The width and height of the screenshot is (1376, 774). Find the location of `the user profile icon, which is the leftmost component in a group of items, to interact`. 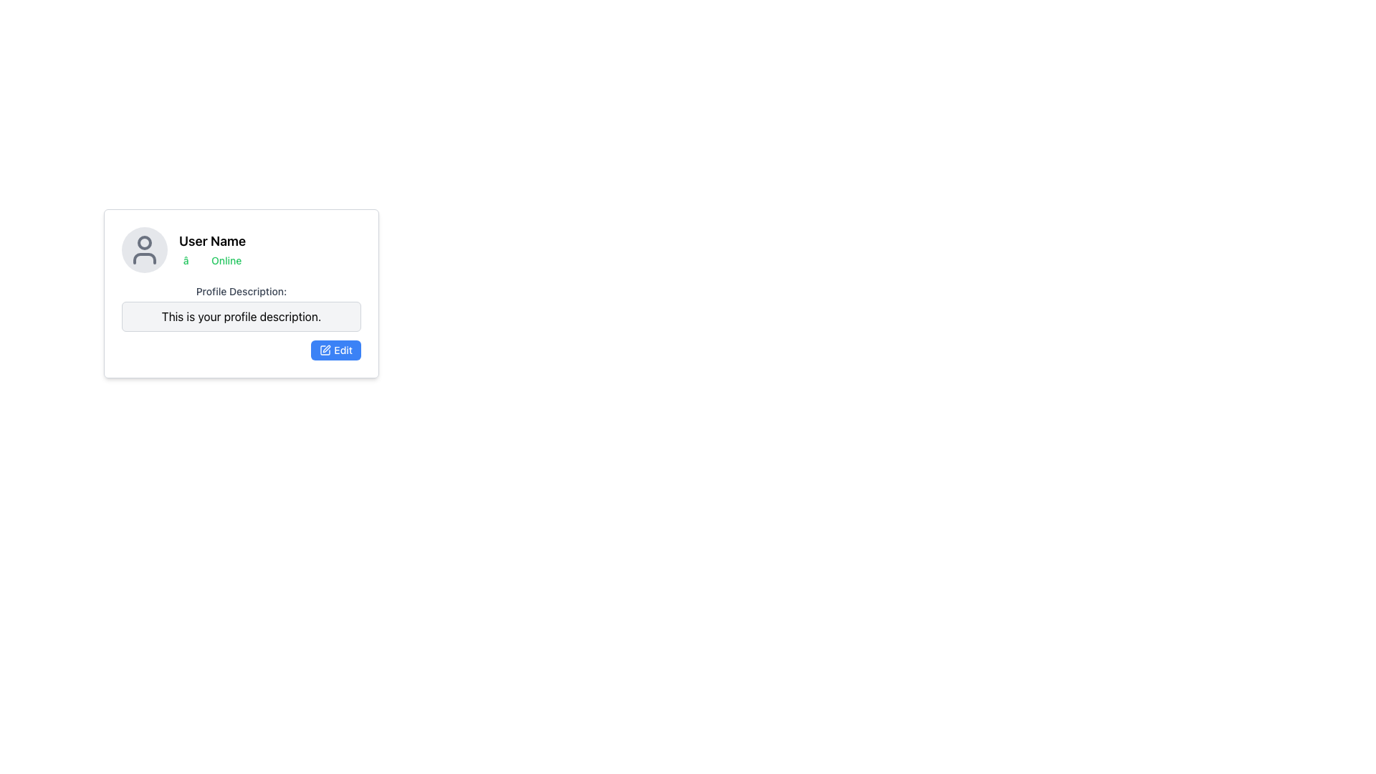

the user profile icon, which is the leftmost component in a group of items, to interact is located at coordinates (144, 249).